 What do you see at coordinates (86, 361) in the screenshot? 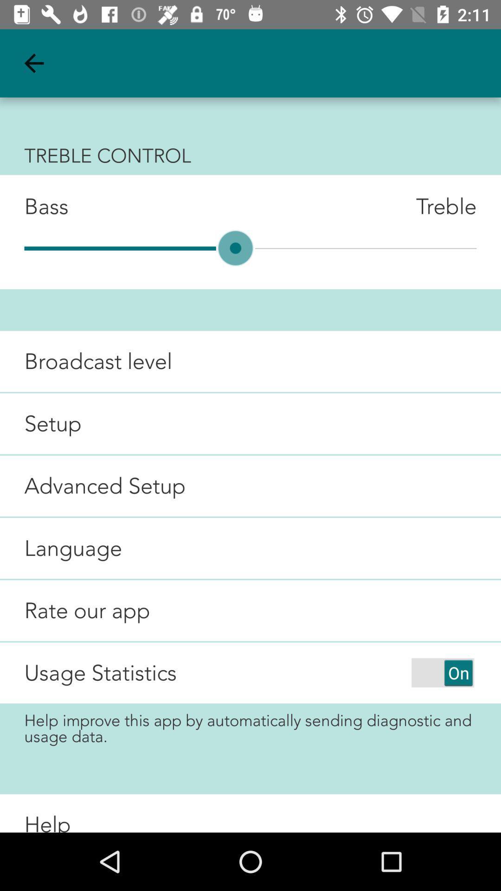
I see `broadcast level icon` at bounding box center [86, 361].